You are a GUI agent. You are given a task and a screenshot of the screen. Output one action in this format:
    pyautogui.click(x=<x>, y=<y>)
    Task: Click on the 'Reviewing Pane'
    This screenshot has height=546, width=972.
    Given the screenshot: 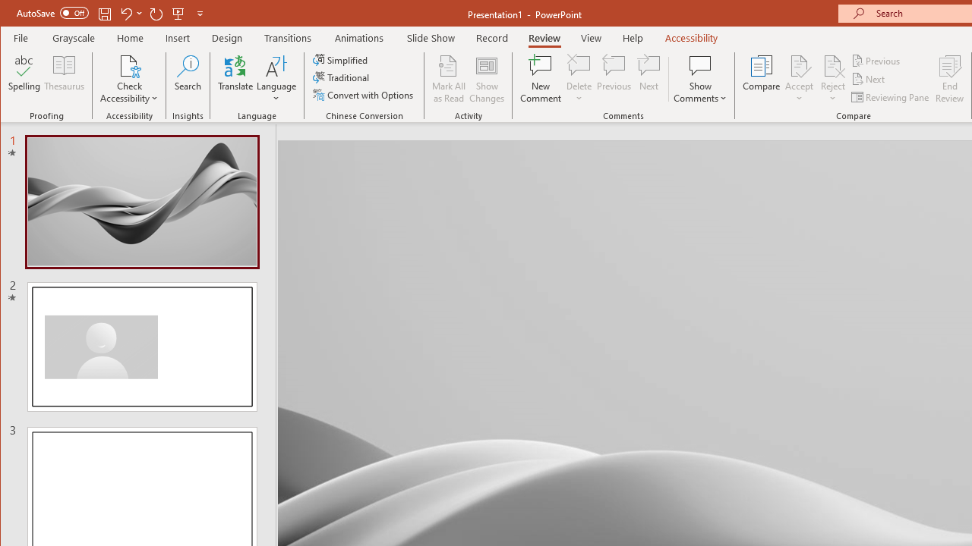 What is the action you would take?
    pyautogui.click(x=891, y=97)
    